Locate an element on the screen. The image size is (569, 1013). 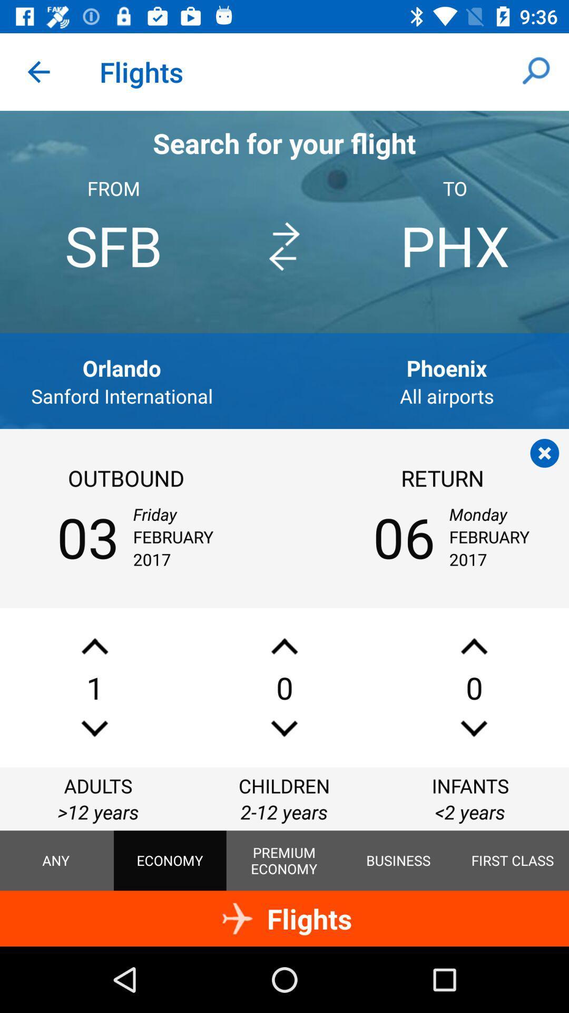
lower number of adults is located at coordinates (95, 728).